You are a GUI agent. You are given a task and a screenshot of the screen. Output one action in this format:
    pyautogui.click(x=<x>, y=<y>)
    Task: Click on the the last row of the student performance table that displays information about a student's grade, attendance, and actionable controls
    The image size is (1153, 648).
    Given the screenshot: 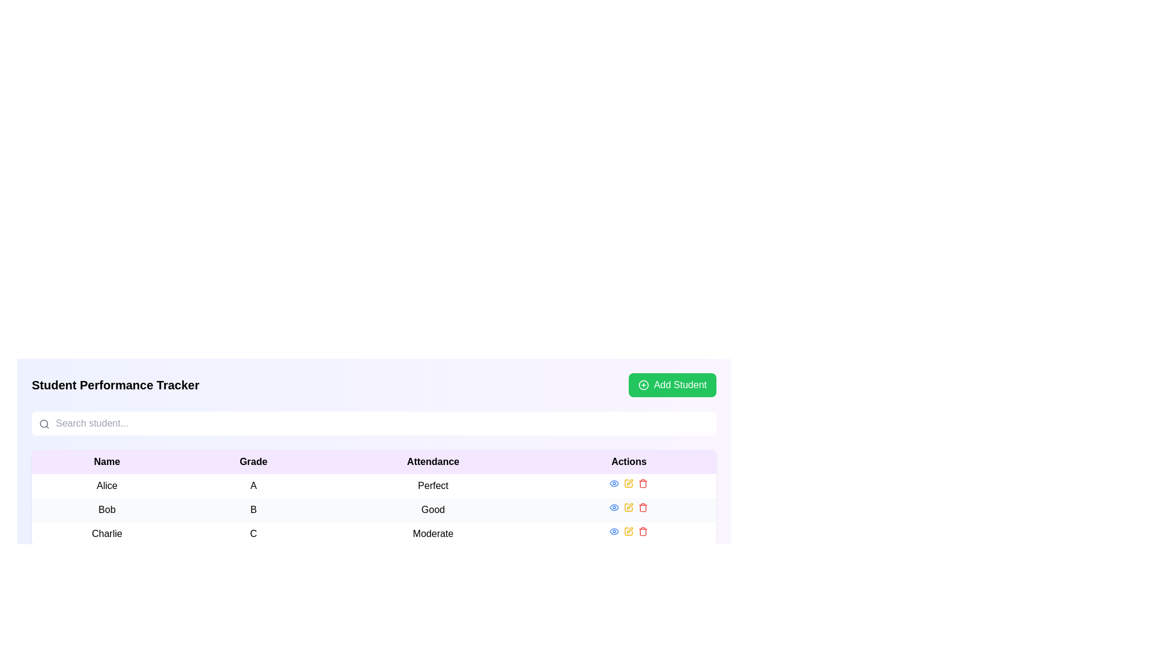 What is the action you would take?
    pyautogui.click(x=374, y=533)
    